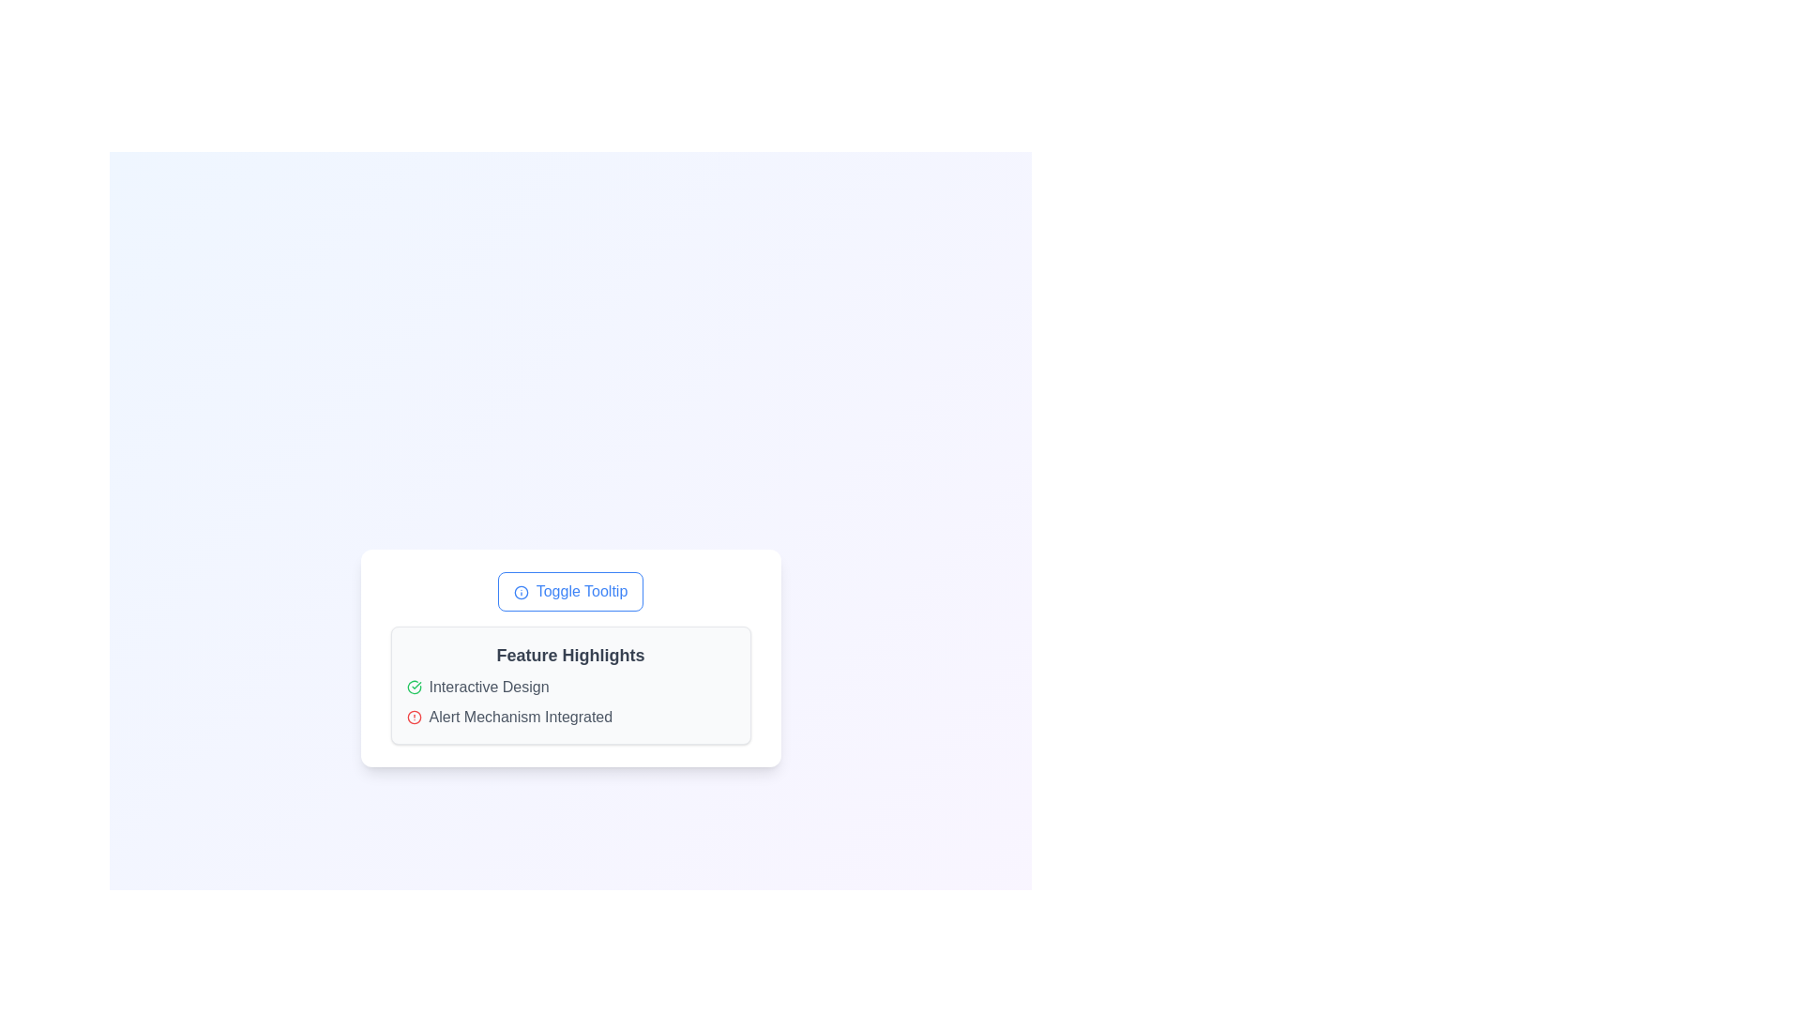  What do you see at coordinates (569, 658) in the screenshot?
I see `the Information Panel that contains the title 'Feature Highlights' and two lines of text with icons, positioned centrally beneath the 'Toggle Tooltip' button` at bounding box center [569, 658].